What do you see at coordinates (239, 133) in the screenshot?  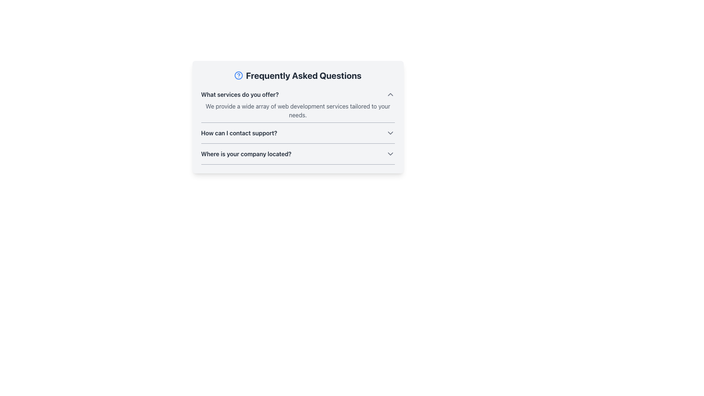 I see `the textual heading element that asks 'How can I contact support?' in the Frequently Asked Questions section` at bounding box center [239, 133].